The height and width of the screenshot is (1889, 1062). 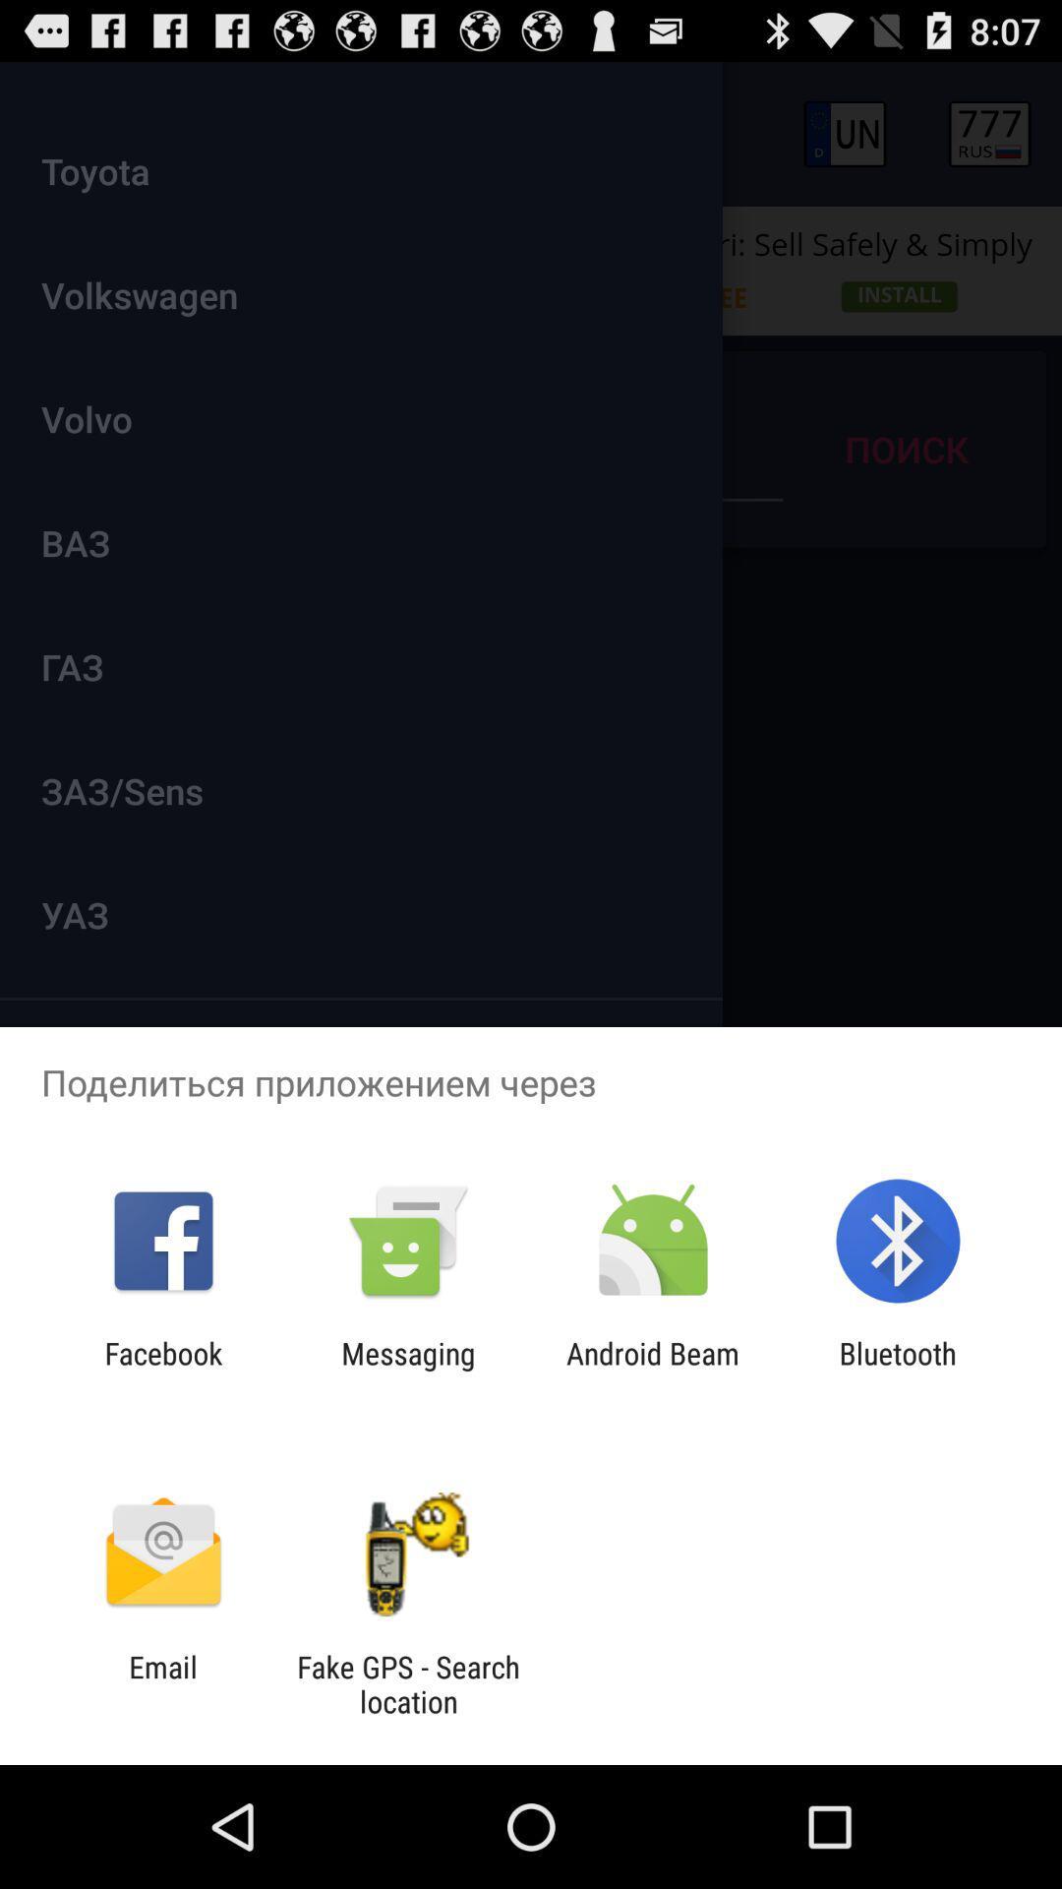 I want to click on the app to the right of the facebook icon, so click(x=407, y=1370).